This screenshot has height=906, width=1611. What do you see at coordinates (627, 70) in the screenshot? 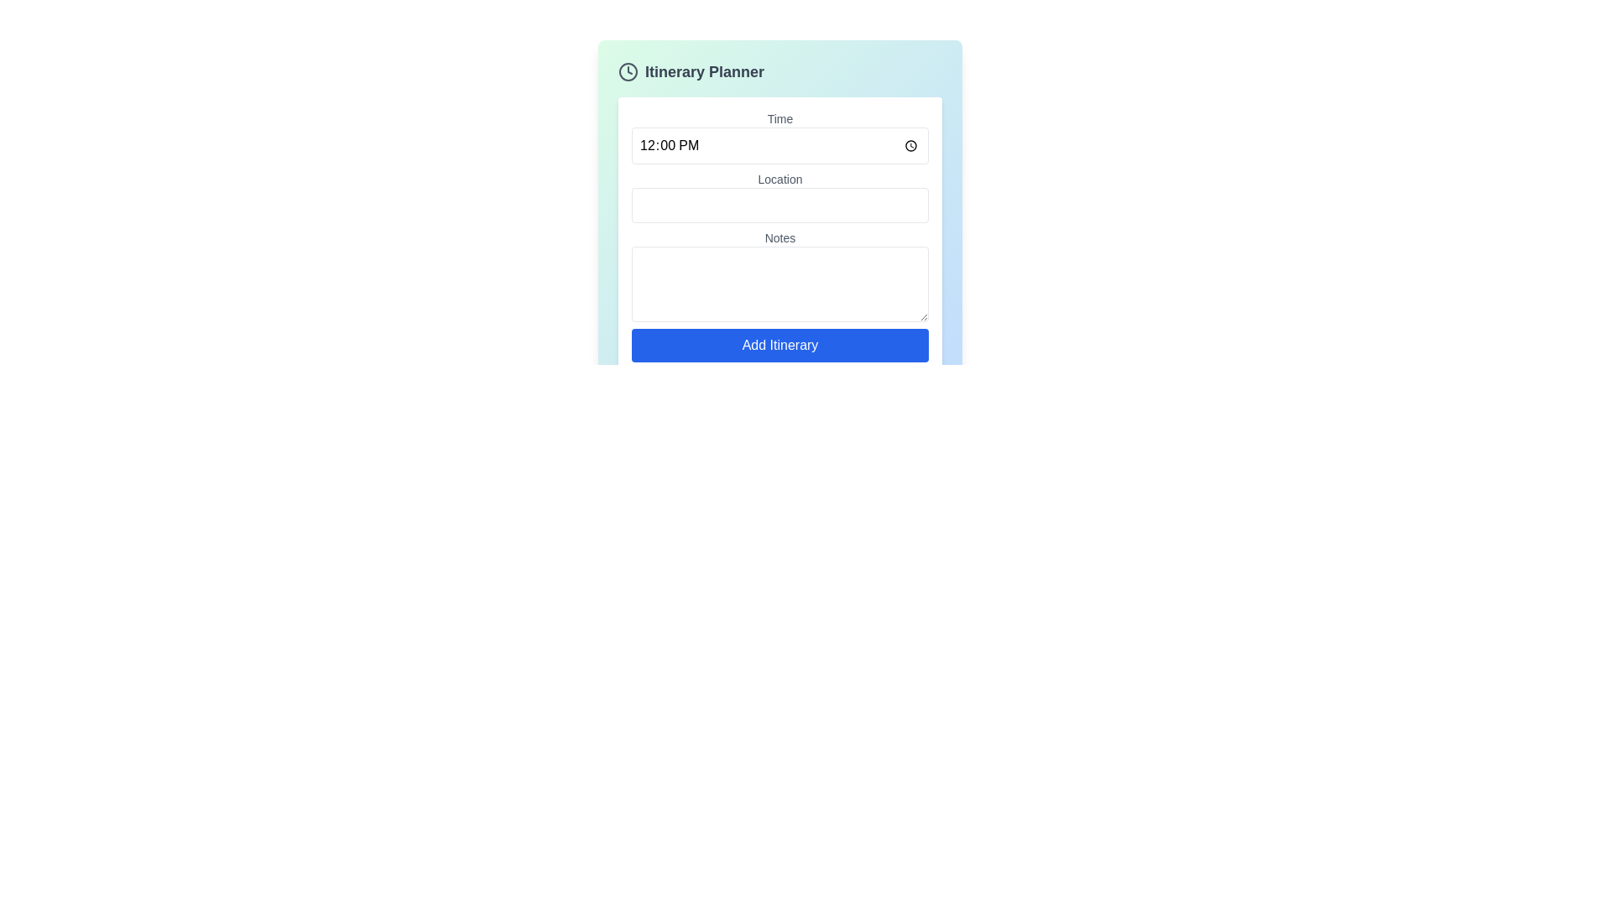
I see `the circular boundary of the clock icon within the SVG graphic, located adjacent to the title 'Itinerary Planner'` at bounding box center [627, 70].